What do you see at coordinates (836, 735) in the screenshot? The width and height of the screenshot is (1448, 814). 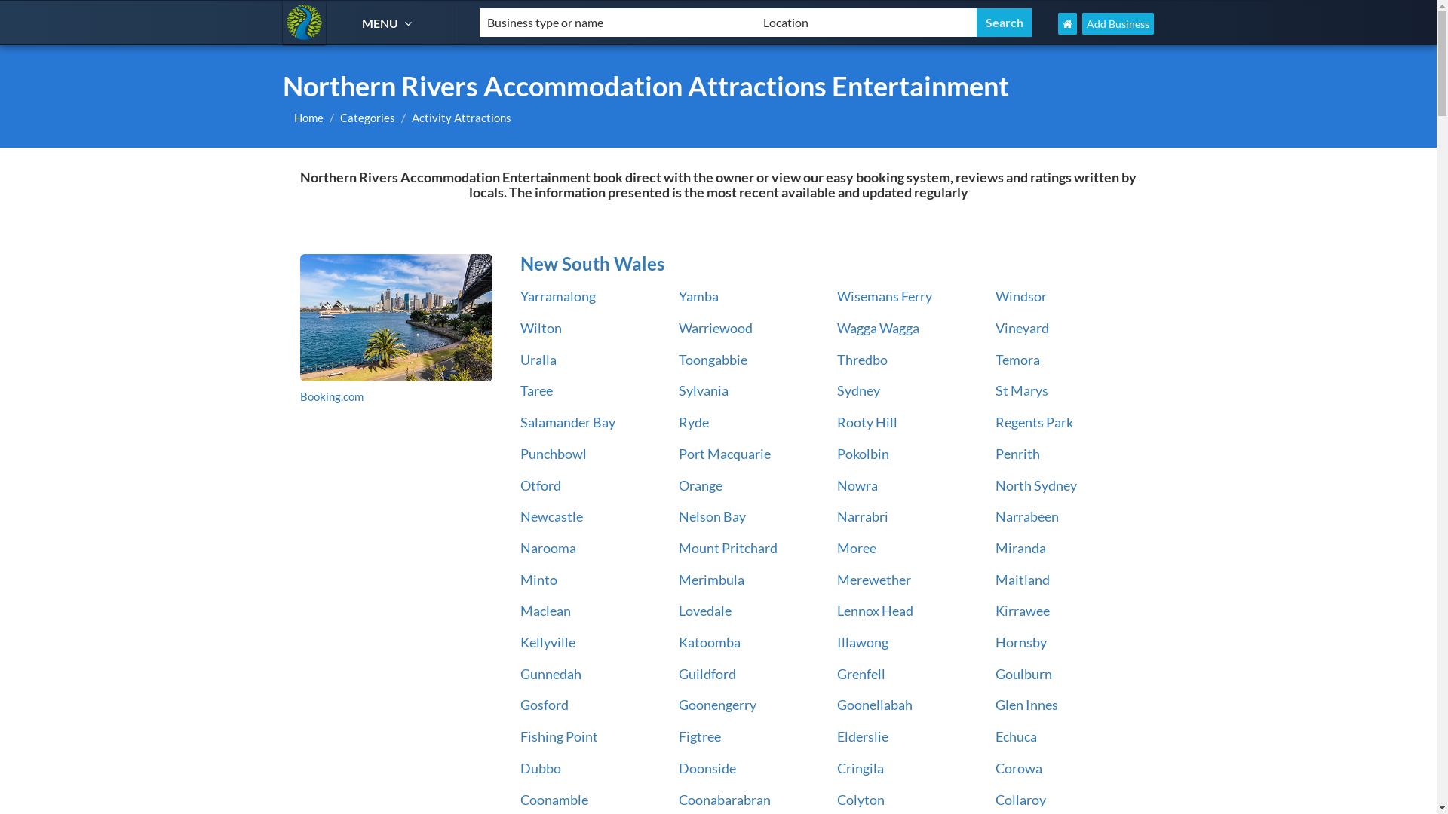 I see `'Elderslie'` at bounding box center [836, 735].